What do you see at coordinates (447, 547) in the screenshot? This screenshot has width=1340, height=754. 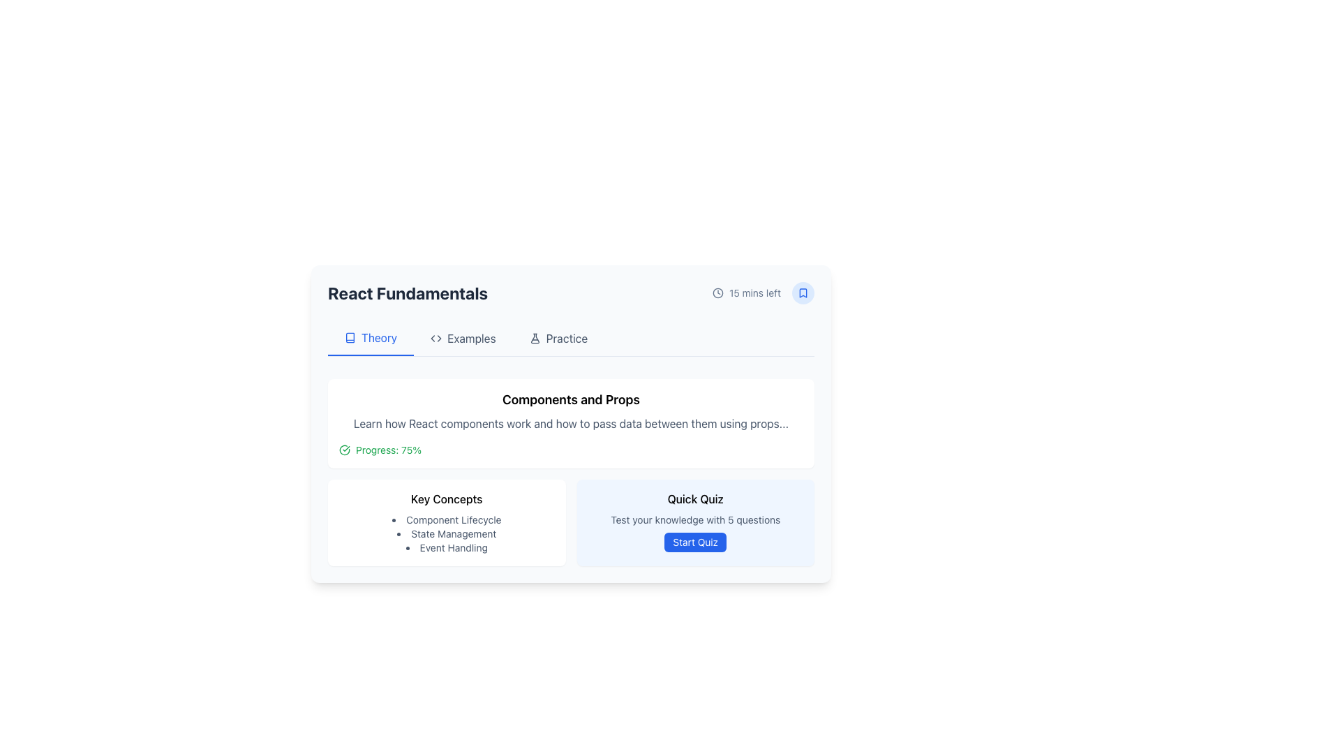 I see `the text item displaying 'Event Handling', which is the third item in the bullet-point list under the 'Key Concepts' section` at bounding box center [447, 547].